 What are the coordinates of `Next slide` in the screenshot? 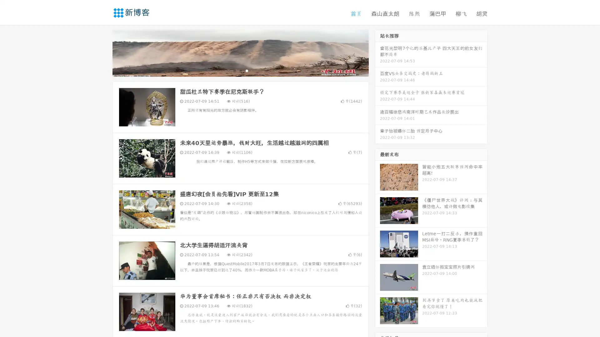 It's located at (377, 52).